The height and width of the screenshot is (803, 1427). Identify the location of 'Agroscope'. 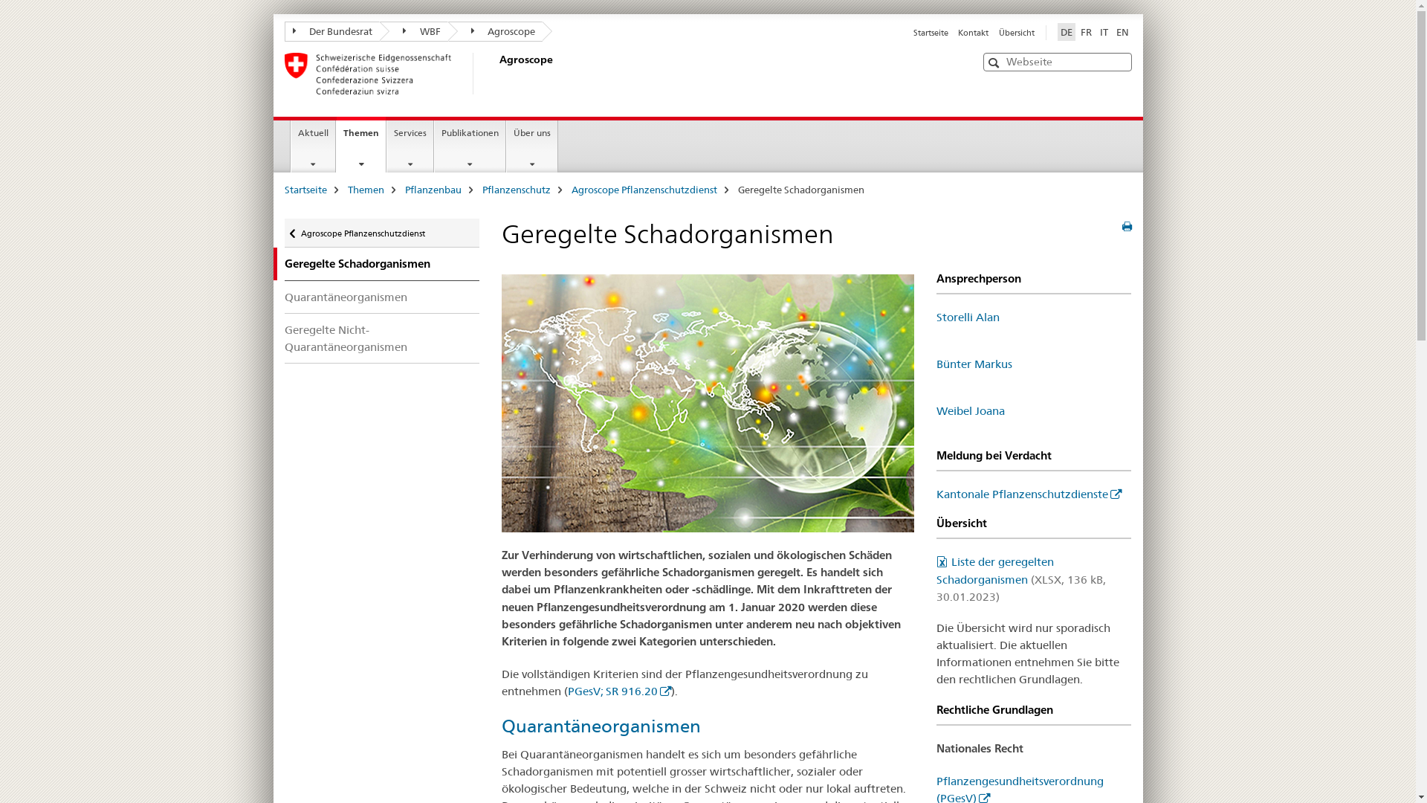
(495, 31).